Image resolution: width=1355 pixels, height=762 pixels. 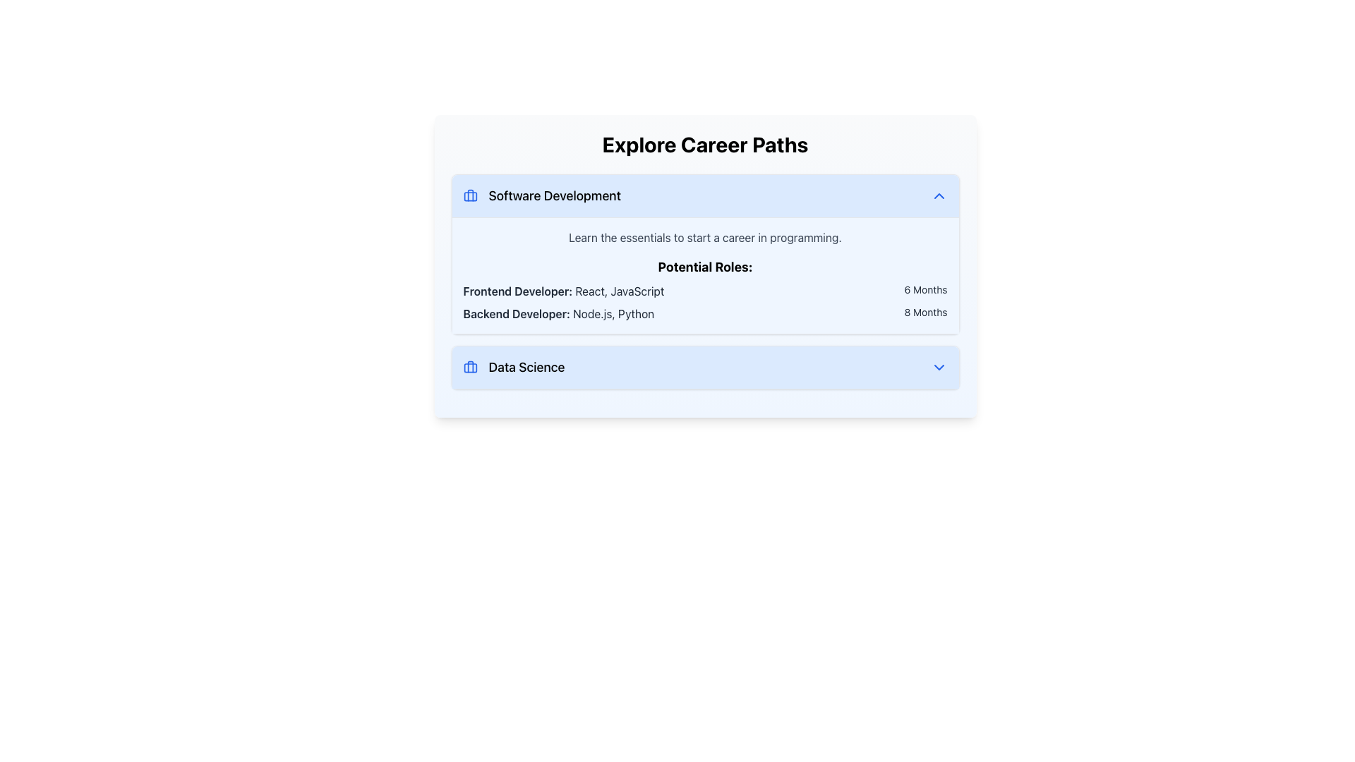 What do you see at coordinates (705, 275) in the screenshot?
I see `contents of the informational panel located below the 'Software Development' header, which describes potential career paths in software development` at bounding box center [705, 275].